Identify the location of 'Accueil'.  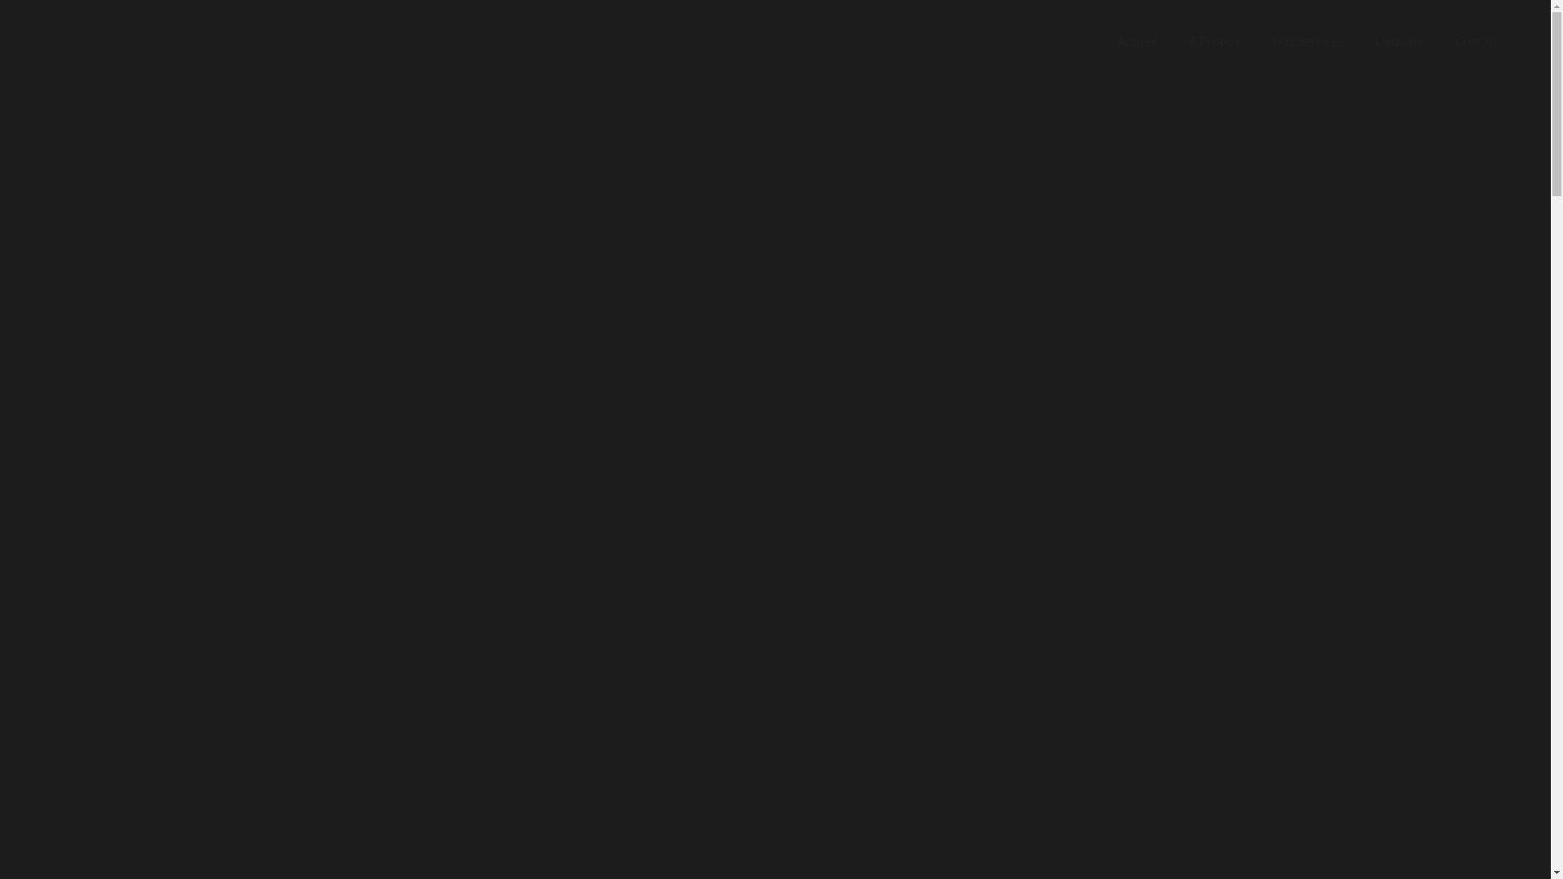
(1136, 40).